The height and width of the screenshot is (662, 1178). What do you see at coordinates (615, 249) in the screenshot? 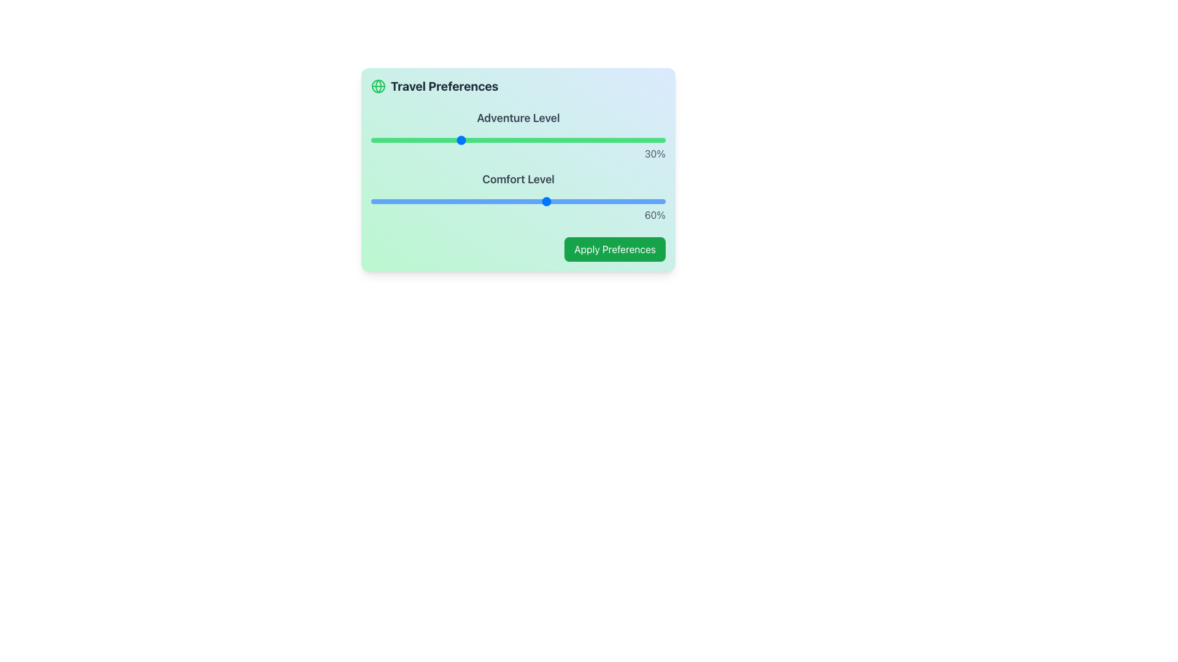
I see `the 'Apply Preferences' button located at the bottom-right corner of the 'Travel Preferences' card` at bounding box center [615, 249].